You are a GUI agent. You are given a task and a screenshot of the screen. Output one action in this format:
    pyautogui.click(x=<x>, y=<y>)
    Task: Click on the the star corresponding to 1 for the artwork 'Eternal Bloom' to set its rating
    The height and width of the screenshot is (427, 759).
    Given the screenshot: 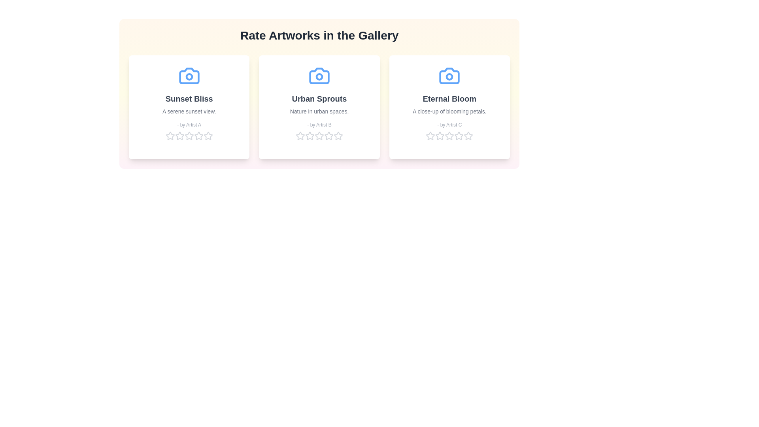 What is the action you would take?
    pyautogui.click(x=430, y=135)
    